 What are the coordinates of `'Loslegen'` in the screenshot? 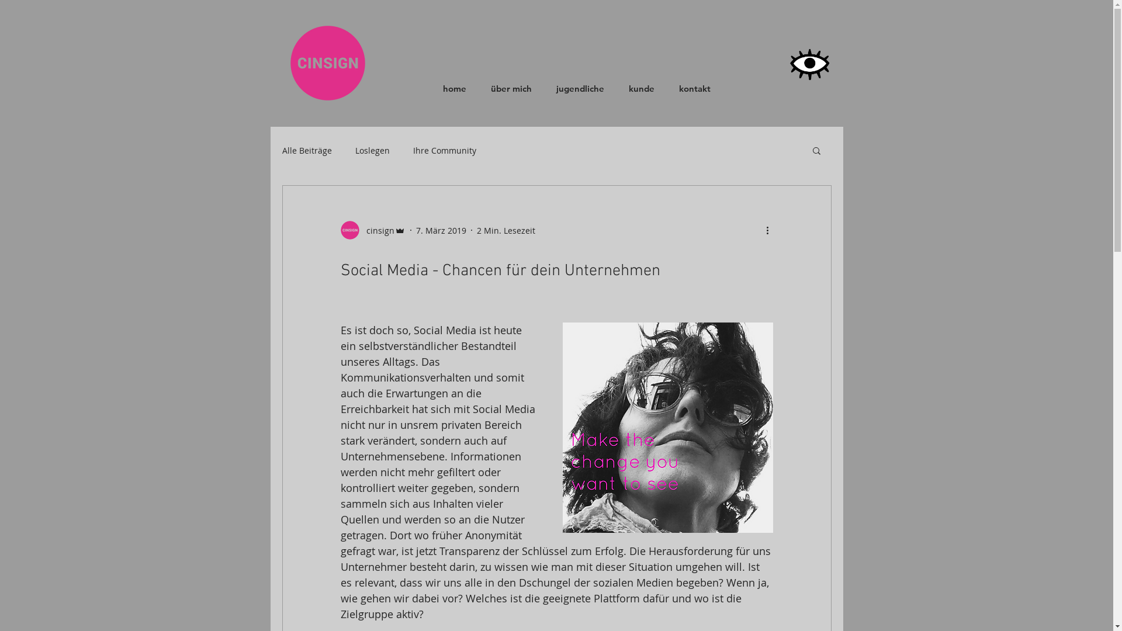 It's located at (372, 150).